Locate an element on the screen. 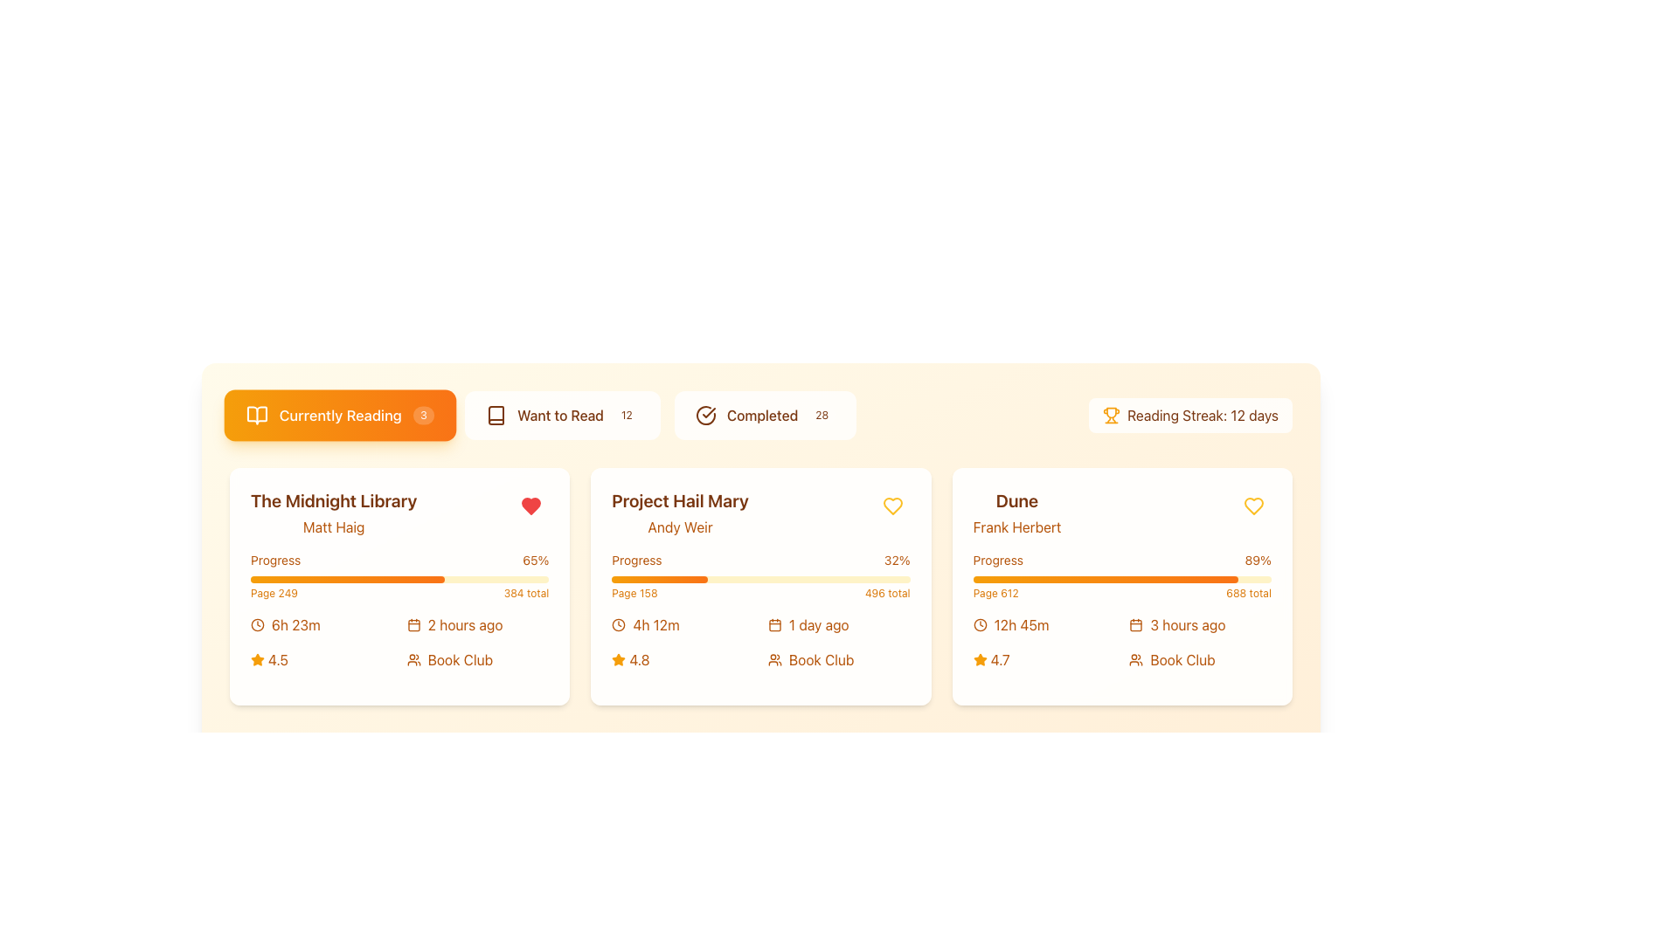 Image resolution: width=1678 pixels, height=943 pixels. the 'Book Club' icon, which is styled in orange and located to the left of the text label 'Book Club', indicating group-related information about the book is located at coordinates (774, 660).